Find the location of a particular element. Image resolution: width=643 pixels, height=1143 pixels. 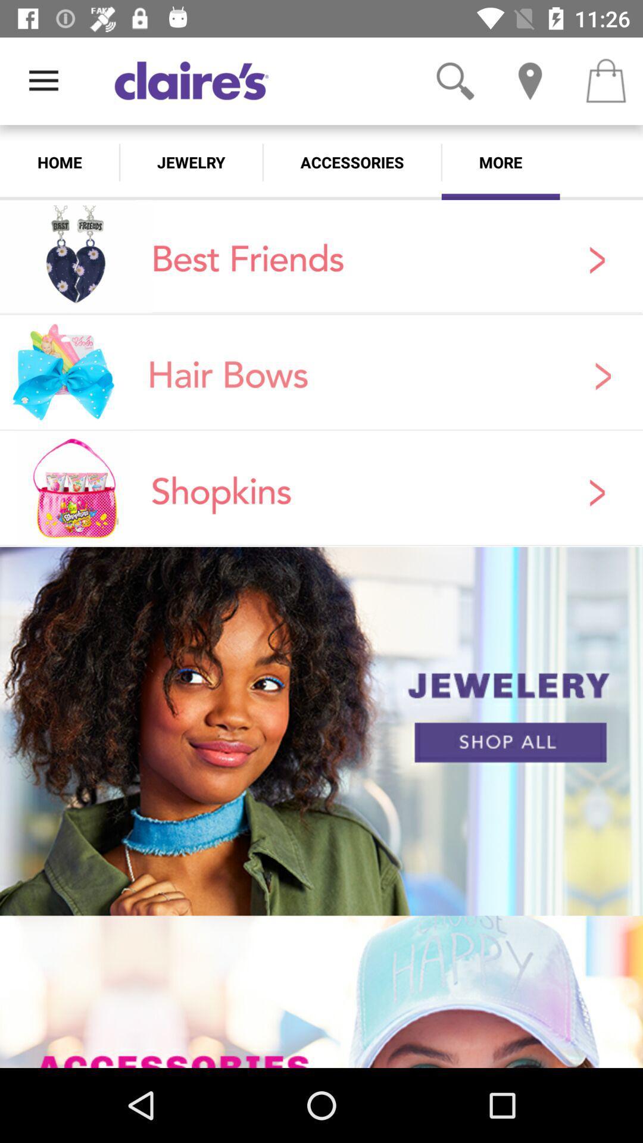

the item to the left of the jewelry item is located at coordinates (60, 162).